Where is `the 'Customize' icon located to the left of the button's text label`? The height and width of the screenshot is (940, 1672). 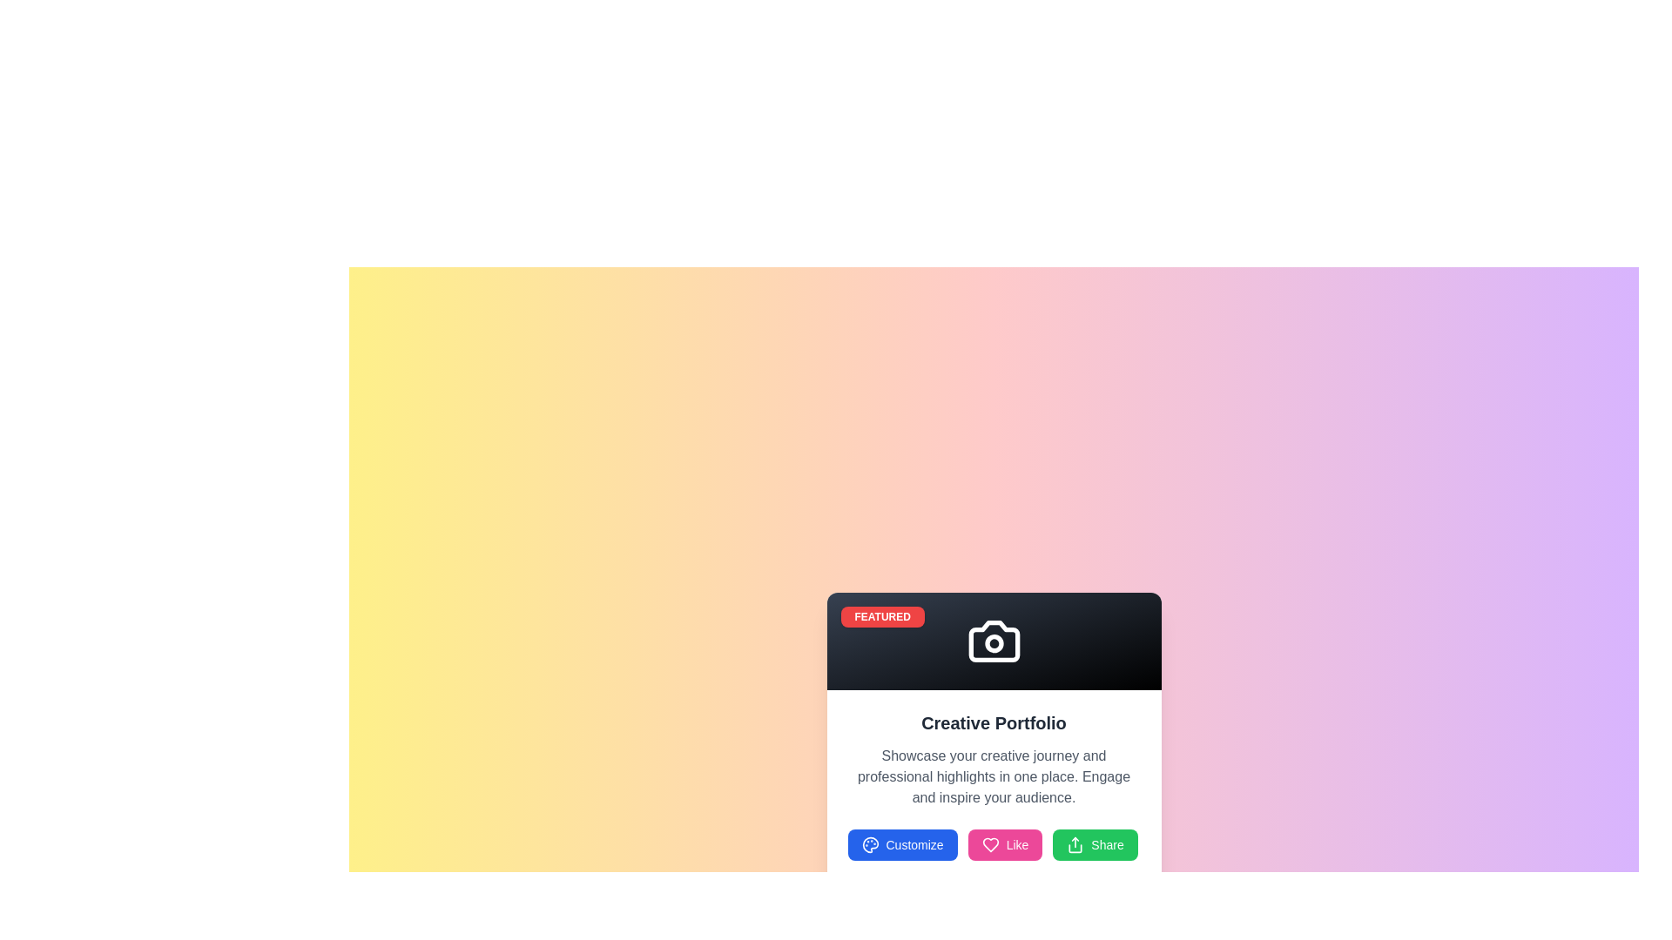 the 'Customize' icon located to the left of the button's text label is located at coordinates (870, 844).